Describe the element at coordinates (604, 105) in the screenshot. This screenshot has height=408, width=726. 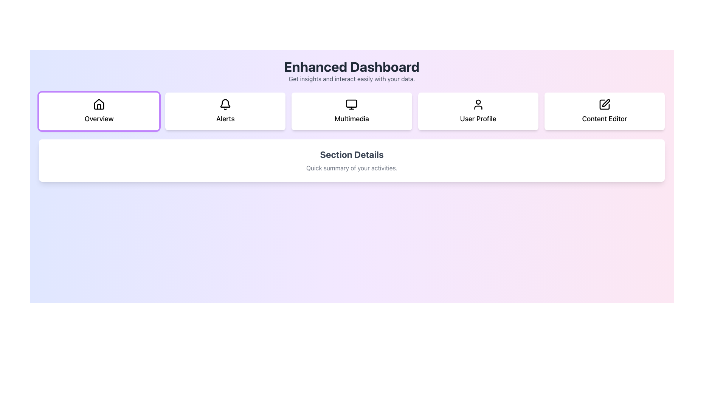
I see `the 'Content Editor' icon, which is an SVG image located in the upper area of the 'Content Editor' button, serving as a visual indicator for content creation or modification` at that location.